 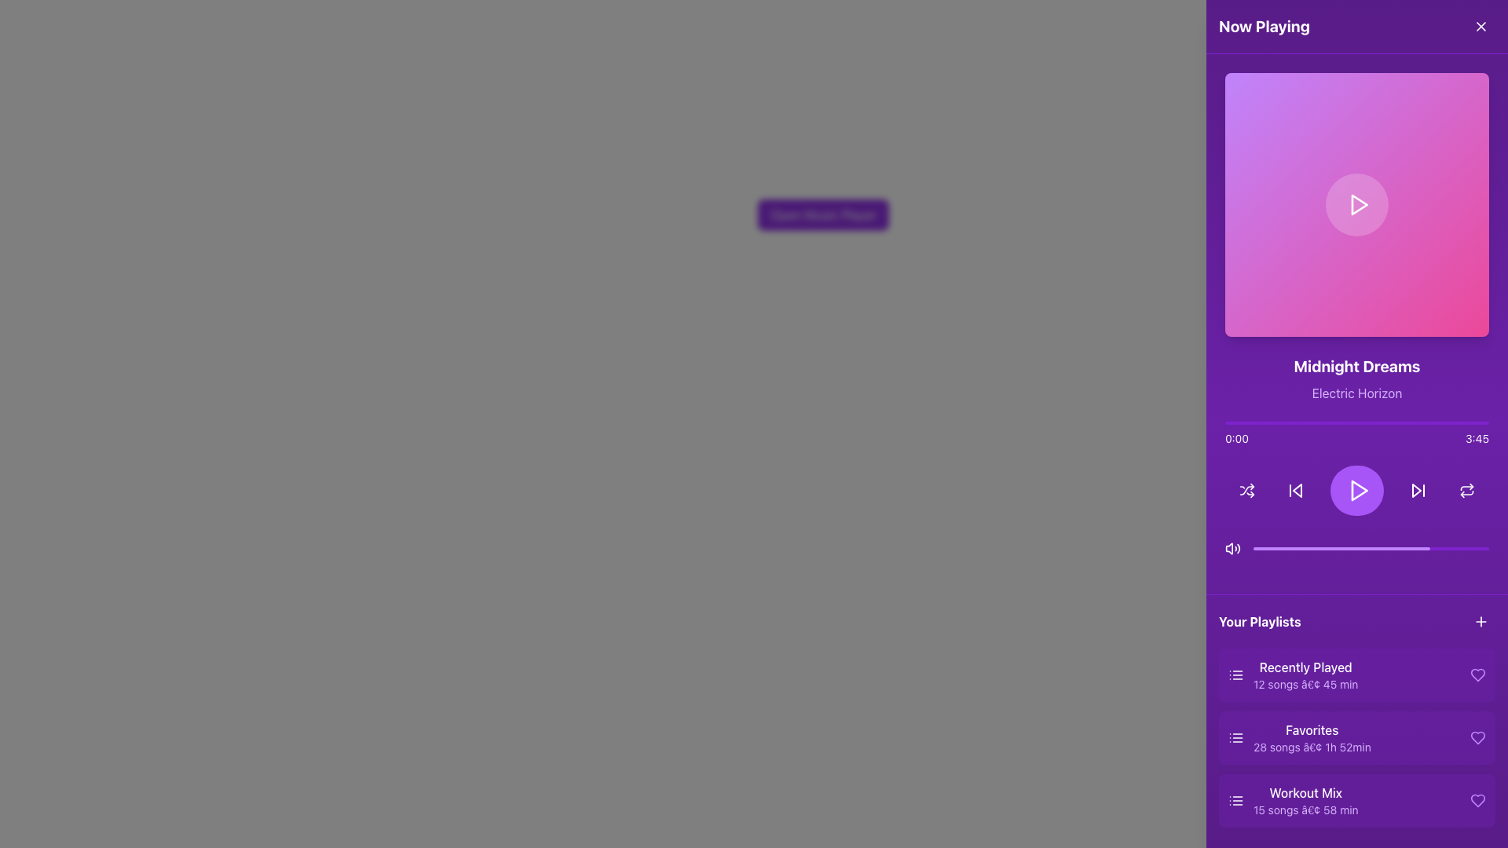 I want to click on the circular button with a white cross icon in the center, located in the top-right corner of the 'Now Playing' section header, so click(x=1481, y=27).